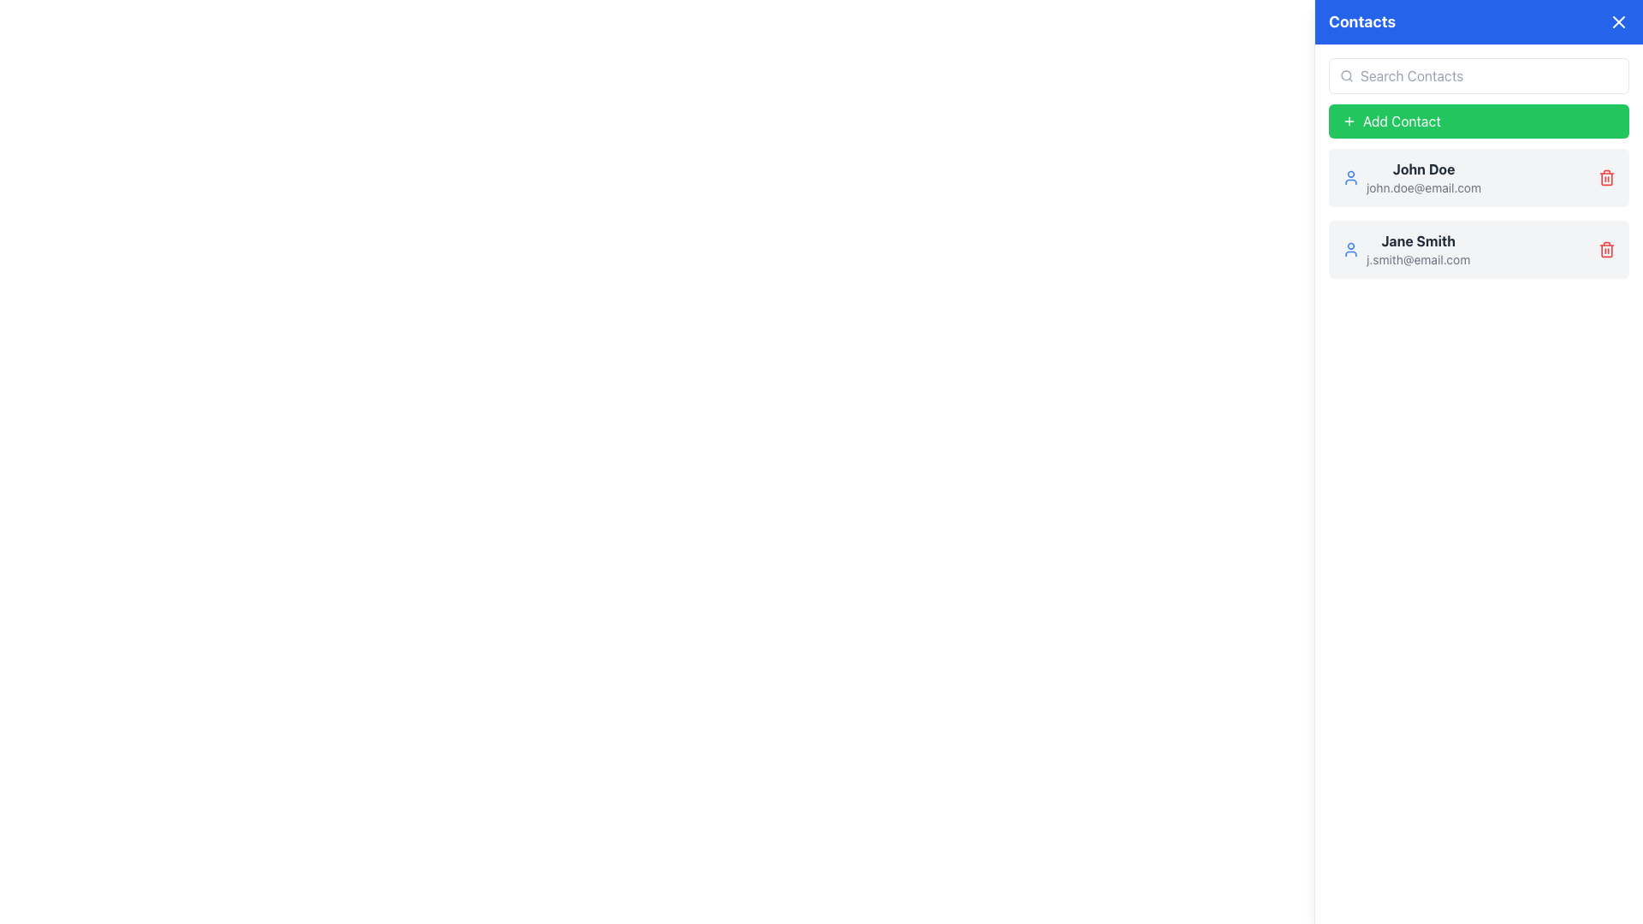 This screenshot has width=1643, height=924. I want to click on the email address display for the contact 'Jane Smith', which is located beneath the contact's name in the sidebar, so click(1418, 260).